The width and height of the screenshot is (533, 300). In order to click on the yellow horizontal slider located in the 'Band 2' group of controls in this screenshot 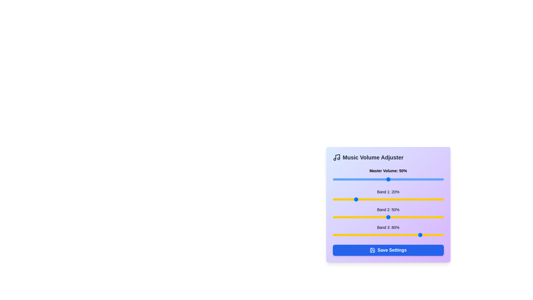, I will do `click(388, 217)`.